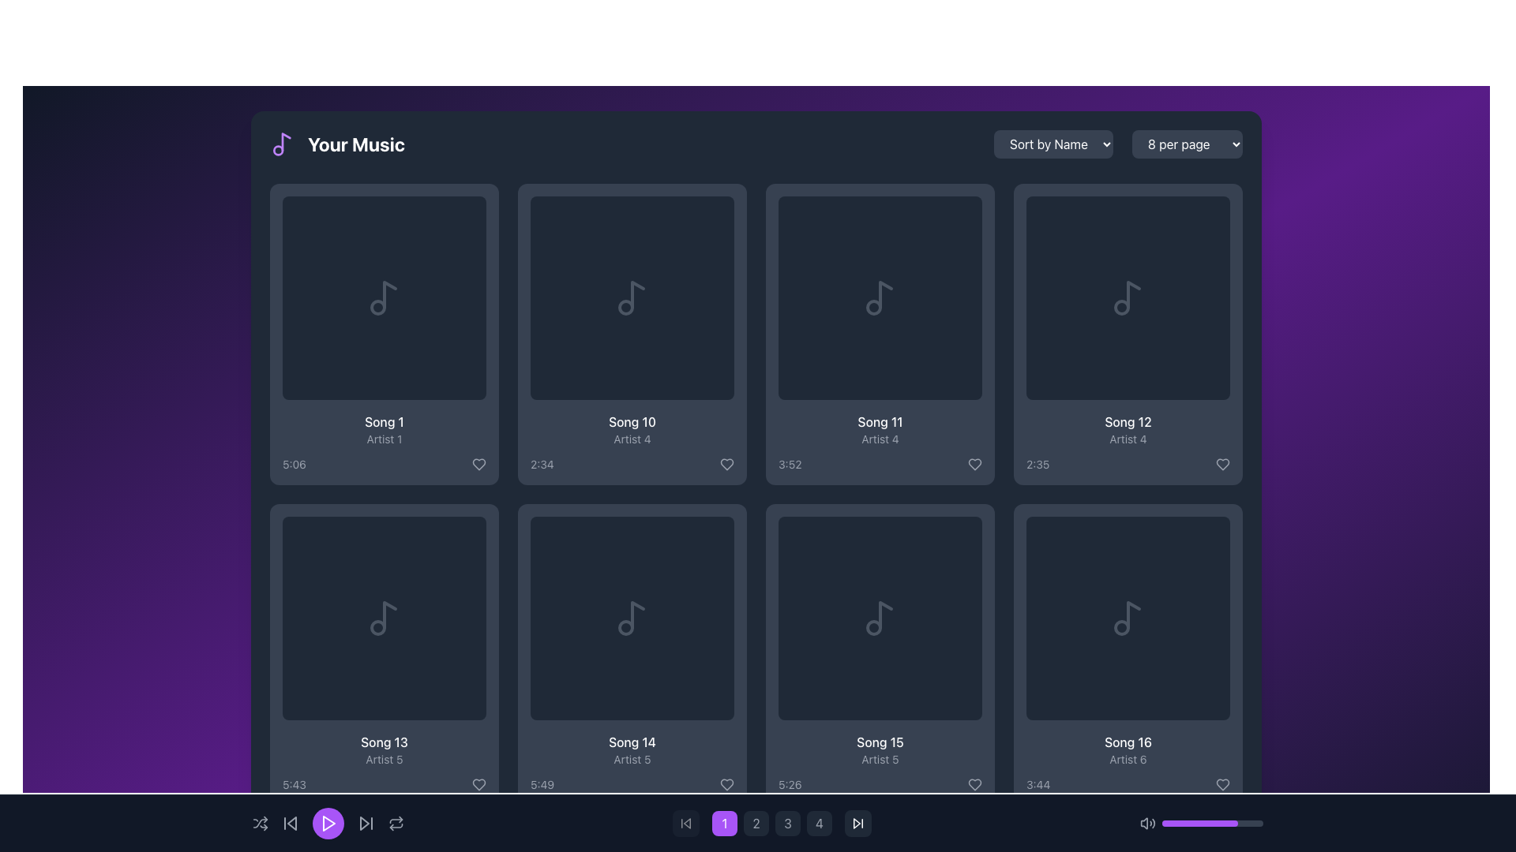  Describe the element at coordinates (478, 785) in the screenshot. I see `the heart icon button in the bottom right corner of the card for 'Song 13' by 'Artist 5' to mark the song as a favorite` at that location.